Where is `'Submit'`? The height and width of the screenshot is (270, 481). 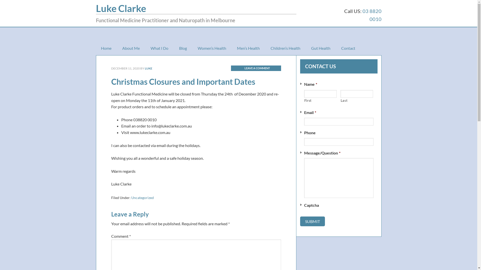
'Submit' is located at coordinates (312, 221).